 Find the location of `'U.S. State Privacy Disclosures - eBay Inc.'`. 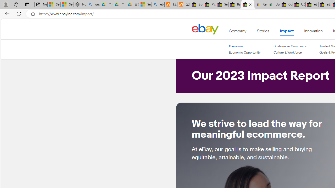

'U.S. State Privacy Disclosures - eBay Inc.' is located at coordinates (299, 4).